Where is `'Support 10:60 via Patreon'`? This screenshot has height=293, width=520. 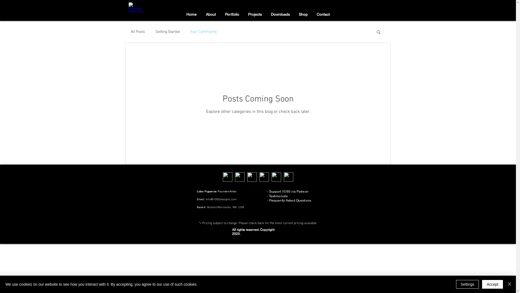
'Support 10:60 via Patreon' is located at coordinates (288, 191).